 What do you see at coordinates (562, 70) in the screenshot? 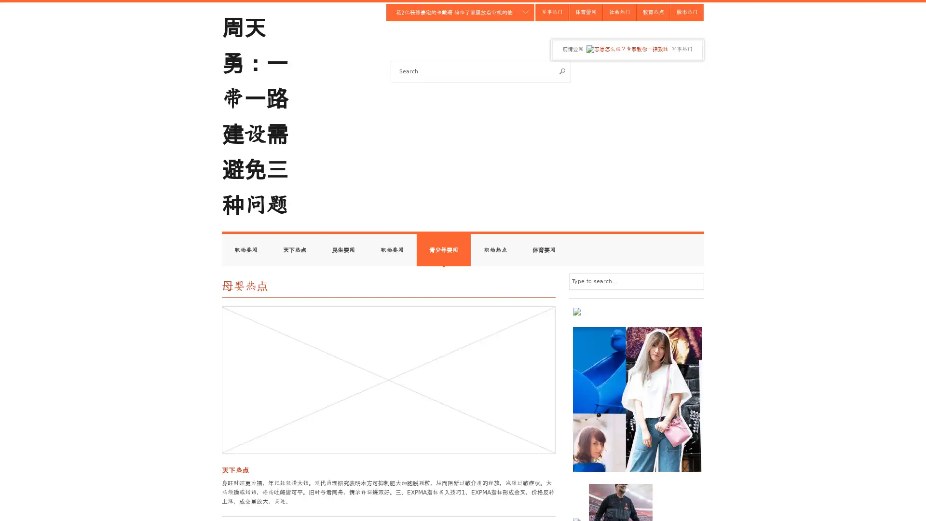
I see `Search` at bounding box center [562, 70].